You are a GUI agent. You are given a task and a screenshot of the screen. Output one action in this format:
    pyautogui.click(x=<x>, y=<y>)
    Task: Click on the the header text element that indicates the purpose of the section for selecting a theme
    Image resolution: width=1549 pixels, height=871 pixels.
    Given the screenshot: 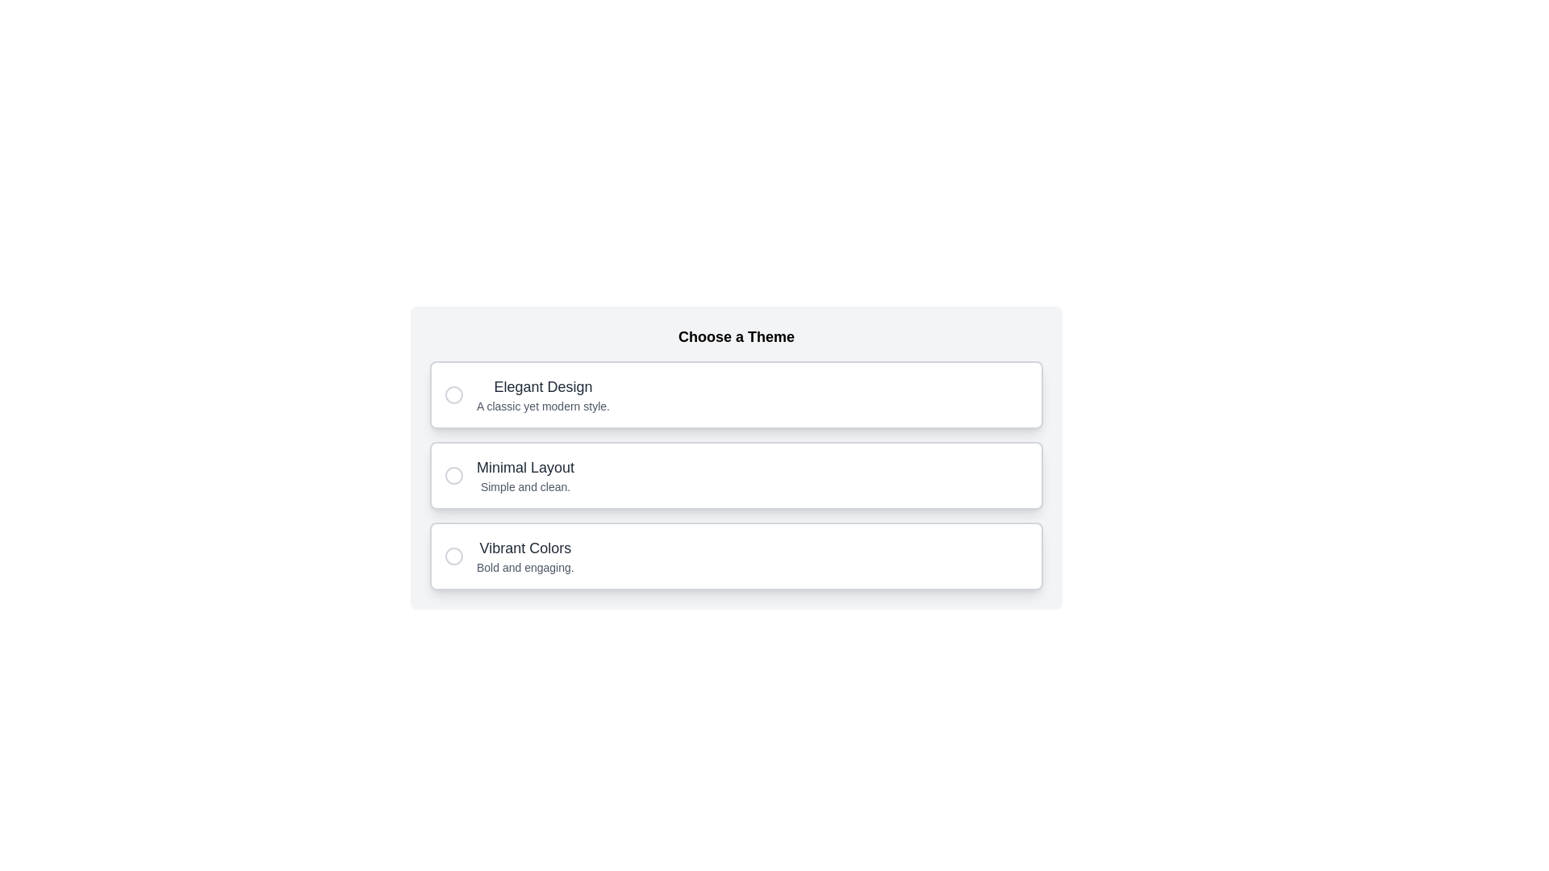 What is the action you would take?
    pyautogui.click(x=735, y=335)
    